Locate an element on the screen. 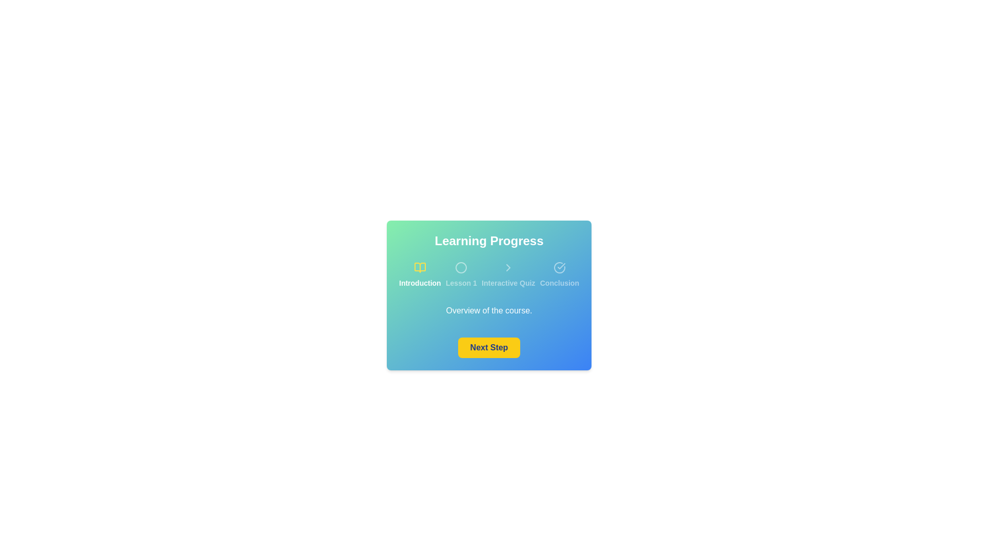 The image size is (985, 554). the 'Conclusion' text label, which indicates the final stage of a multi-step process and is positioned to the far right of the series of labels is located at coordinates (559, 283).